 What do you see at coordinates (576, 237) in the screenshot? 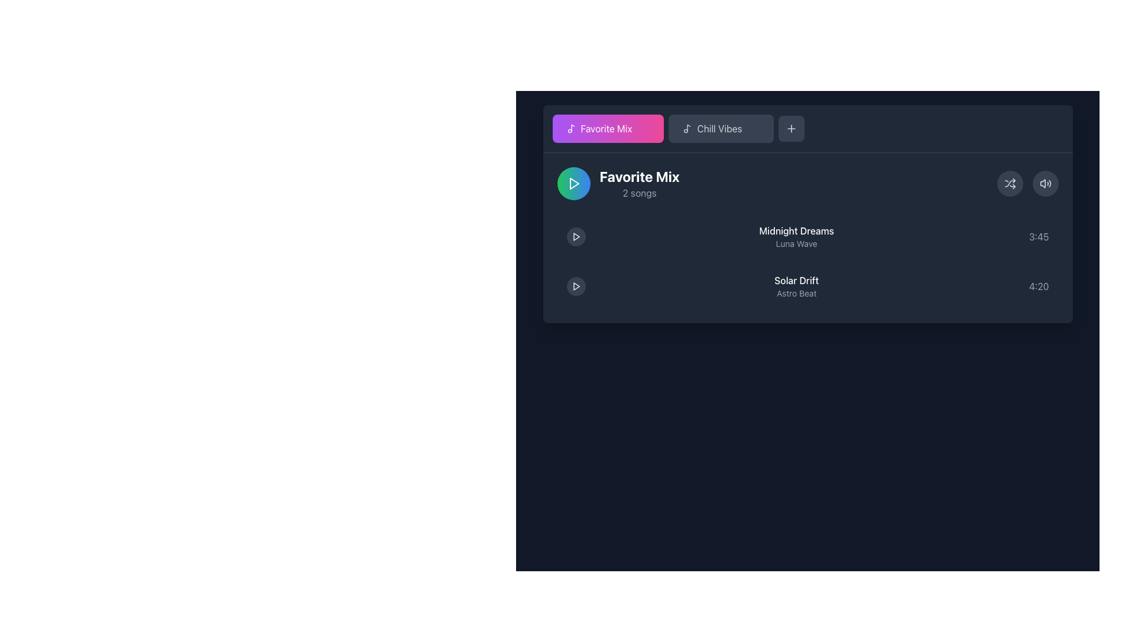
I see `the play button located to the left of the song titled 'Midnight Dreams' in the music playlist interface` at bounding box center [576, 237].